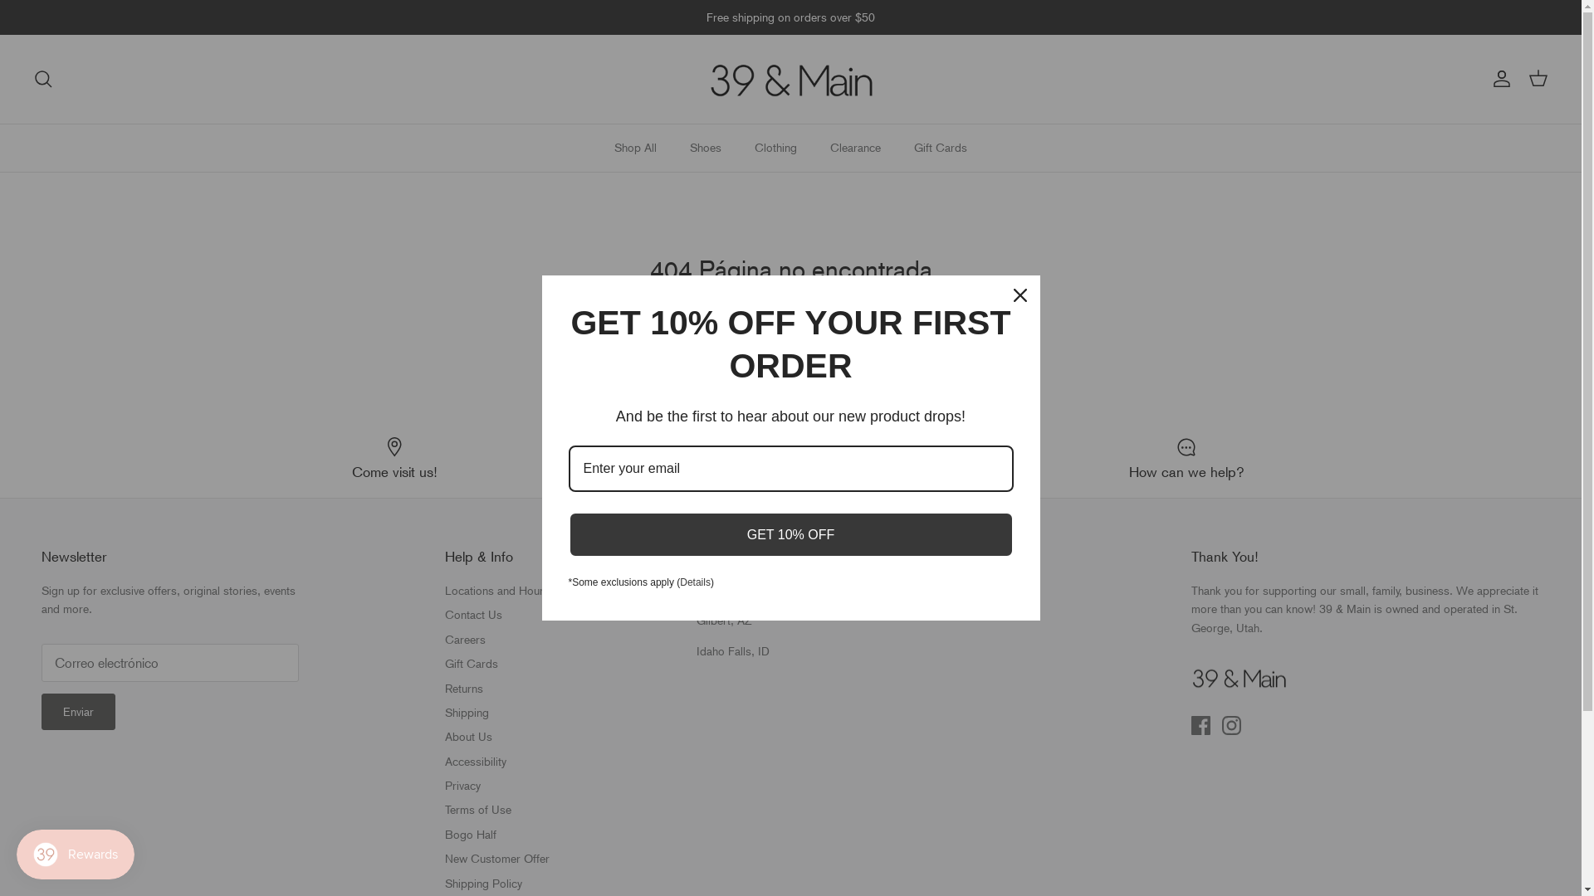  What do you see at coordinates (462, 785) in the screenshot?
I see `'Privacy'` at bounding box center [462, 785].